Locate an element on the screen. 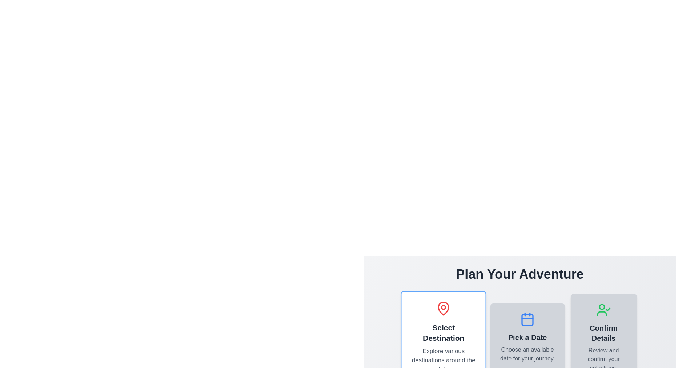 This screenshot has width=698, height=392. the small hollow circle located near the top-left corner of the SVG user icon with a check mark, which is styled in green and positioned under the heading 'Plan Your Adventure.' is located at coordinates (602, 307).